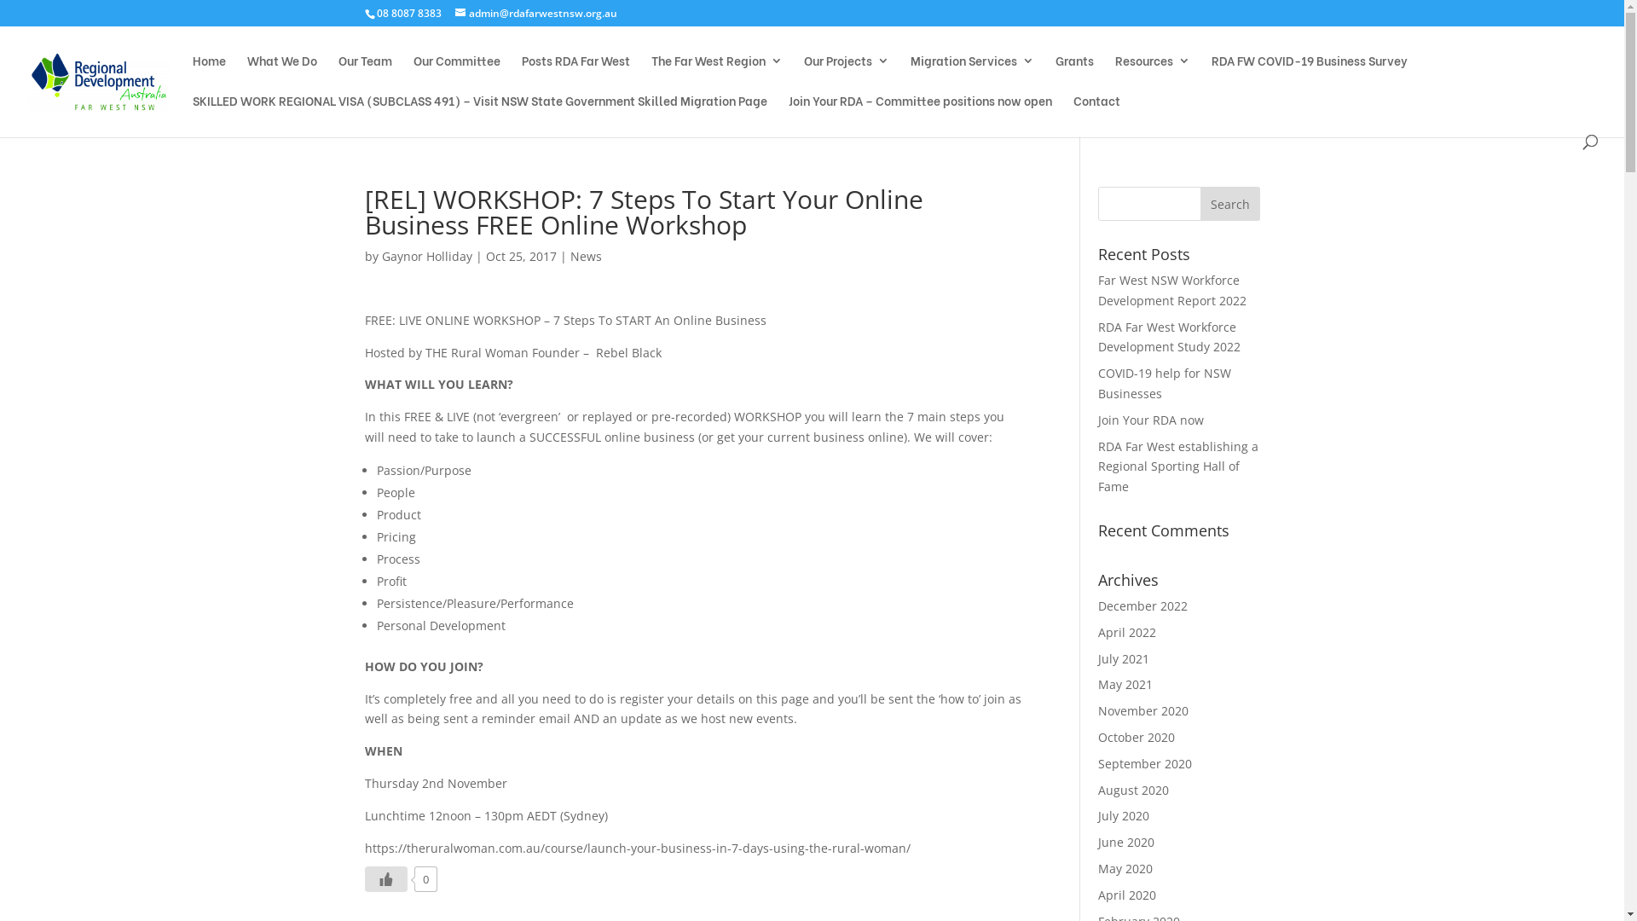  What do you see at coordinates (1073, 73) in the screenshot?
I see `'Grants'` at bounding box center [1073, 73].